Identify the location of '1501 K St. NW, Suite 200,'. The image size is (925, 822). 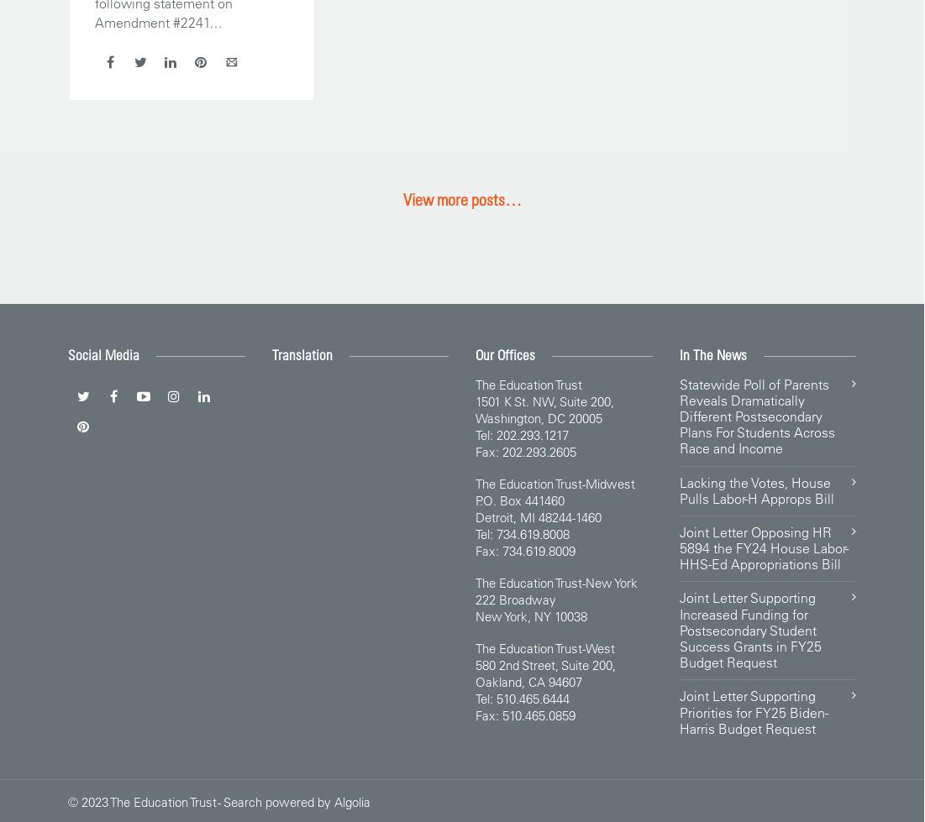
(544, 401).